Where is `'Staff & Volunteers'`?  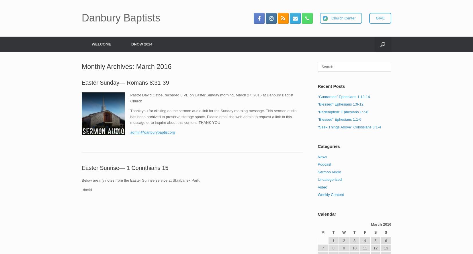 'Staff & Volunteers' is located at coordinates (160, 57).